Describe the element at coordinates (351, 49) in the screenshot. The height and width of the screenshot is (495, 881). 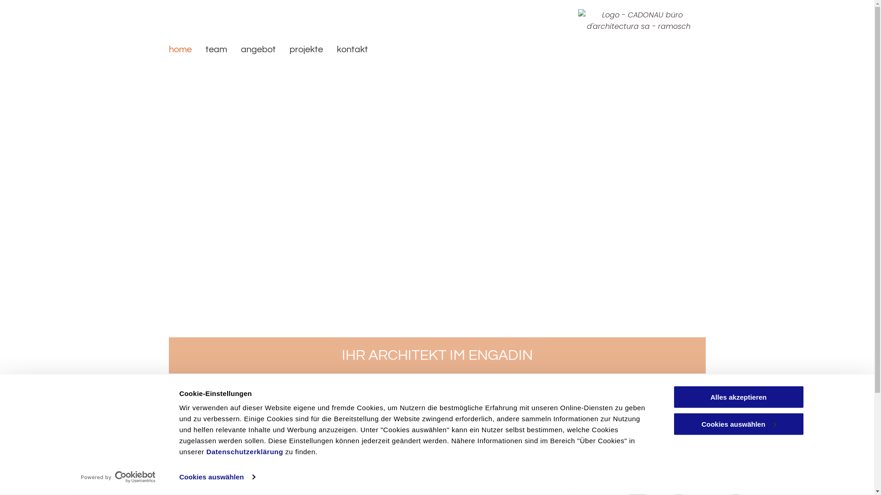
I see `'kontakt'` at that location.